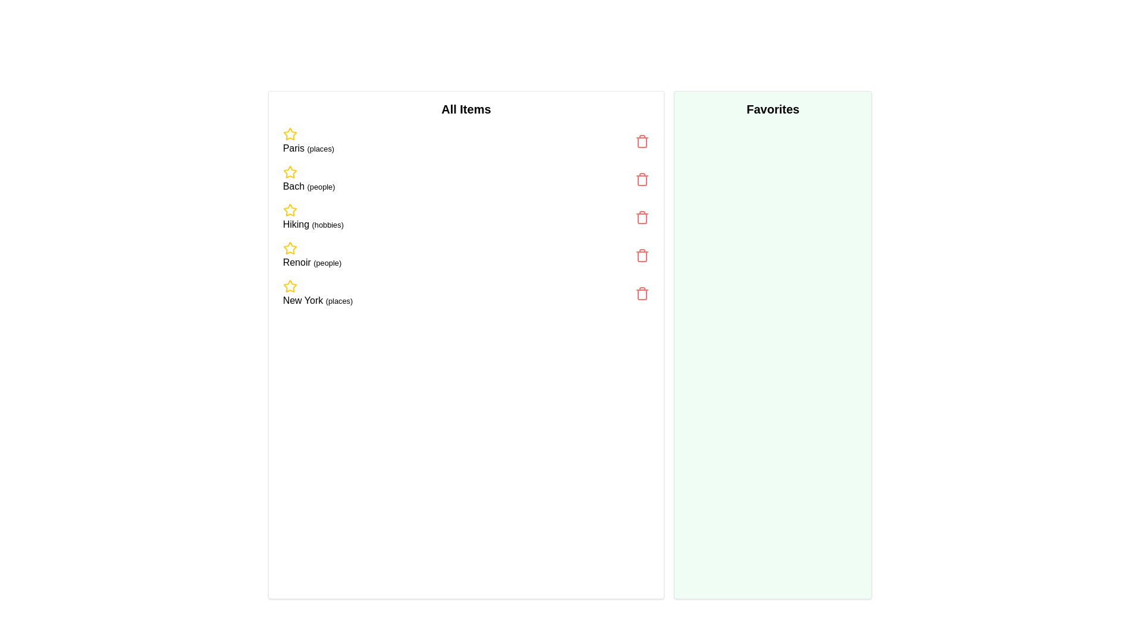 This screenshot has width=1142, height=642. What do you see at coordinates (642, 293) in the screenshot?
I see `the trash icon next to the item labeled 'New York (places)' to remove it from the list` at bounding box center [642, 293].